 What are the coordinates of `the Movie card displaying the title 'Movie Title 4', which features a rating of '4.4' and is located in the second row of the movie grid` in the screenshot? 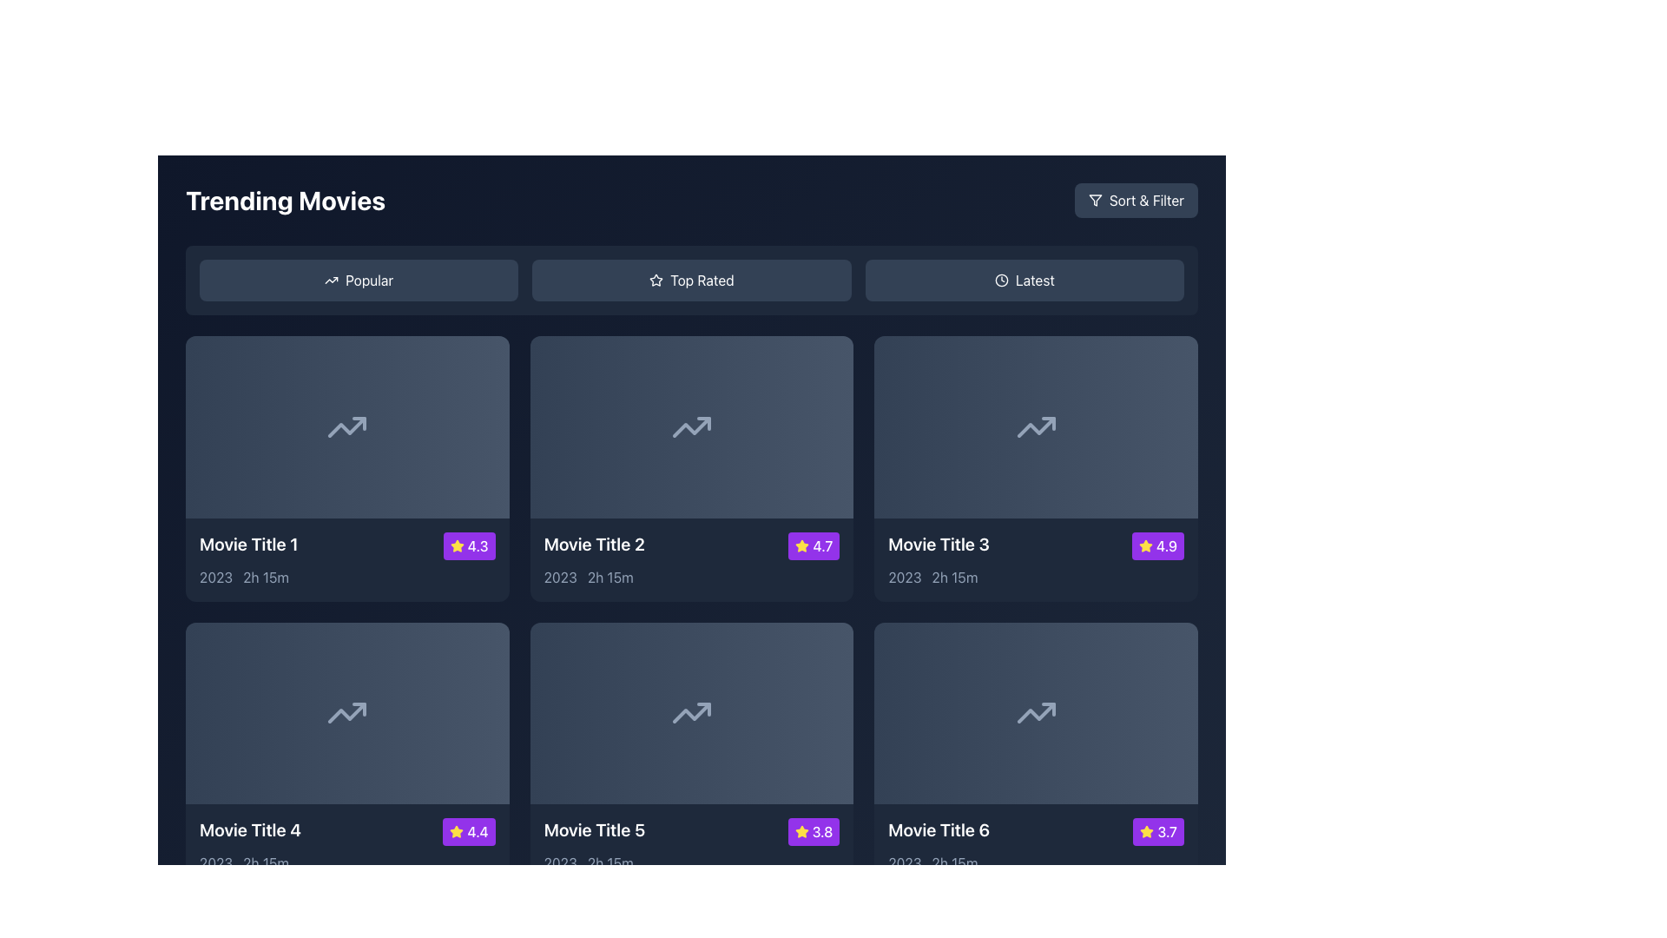 It's located at (347, 845).